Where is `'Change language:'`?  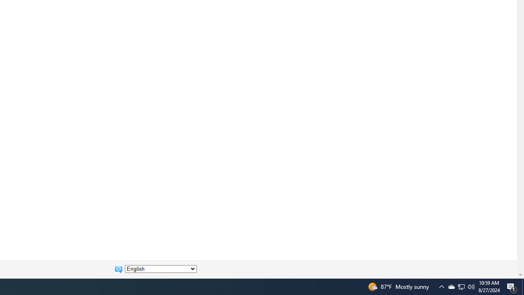
'Change language:' is located at coordinates (160, 269).